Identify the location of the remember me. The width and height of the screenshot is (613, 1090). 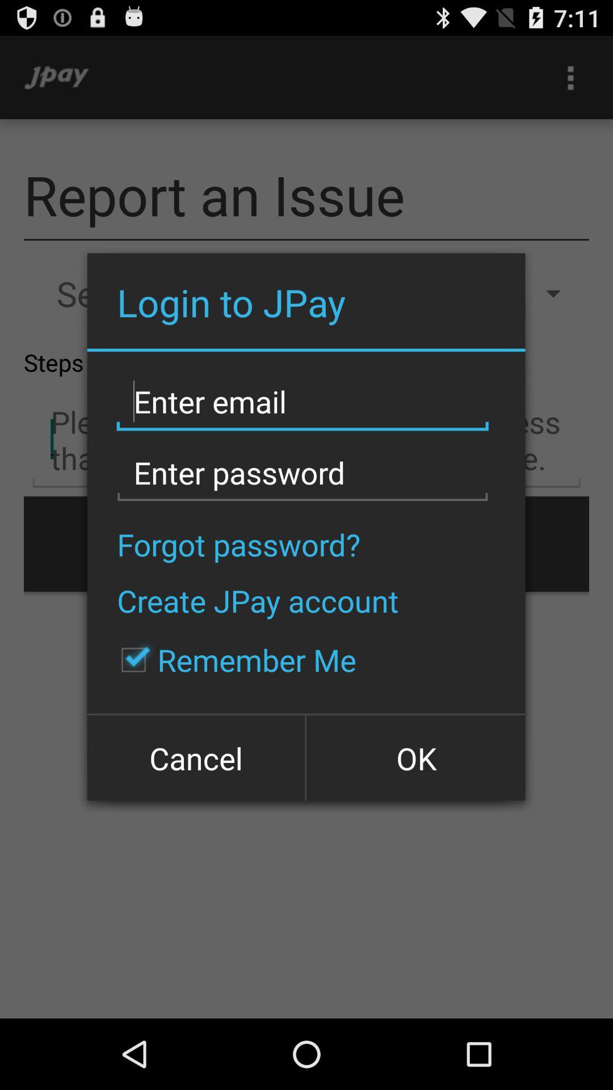
(232, 660).